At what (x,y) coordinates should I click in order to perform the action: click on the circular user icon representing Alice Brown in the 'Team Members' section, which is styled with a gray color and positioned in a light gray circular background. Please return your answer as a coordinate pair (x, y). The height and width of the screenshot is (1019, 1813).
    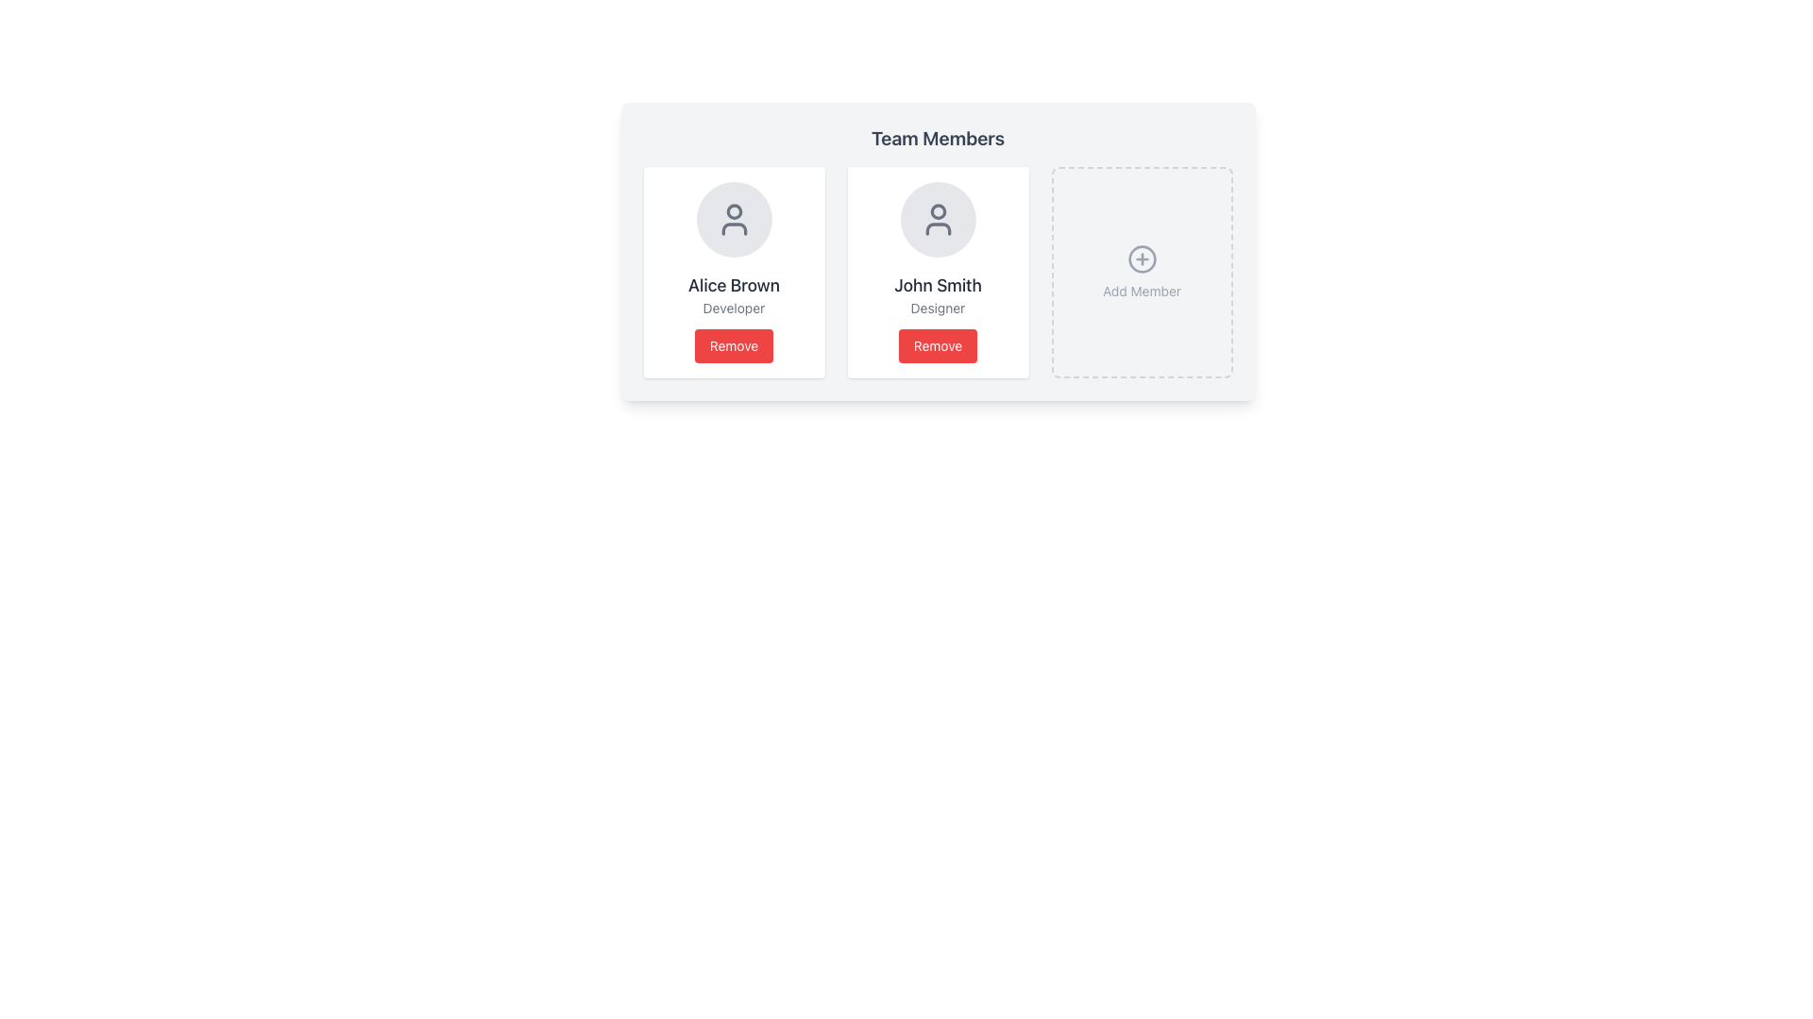
    Looking at the image, I should click on (733, 218).